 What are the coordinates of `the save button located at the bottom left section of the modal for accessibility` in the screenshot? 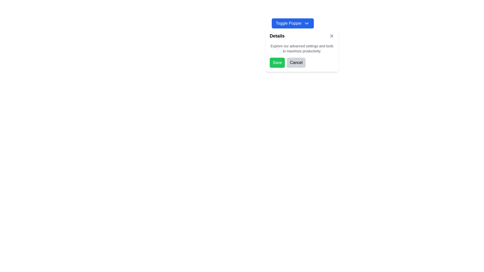 It's located at (277, 62).